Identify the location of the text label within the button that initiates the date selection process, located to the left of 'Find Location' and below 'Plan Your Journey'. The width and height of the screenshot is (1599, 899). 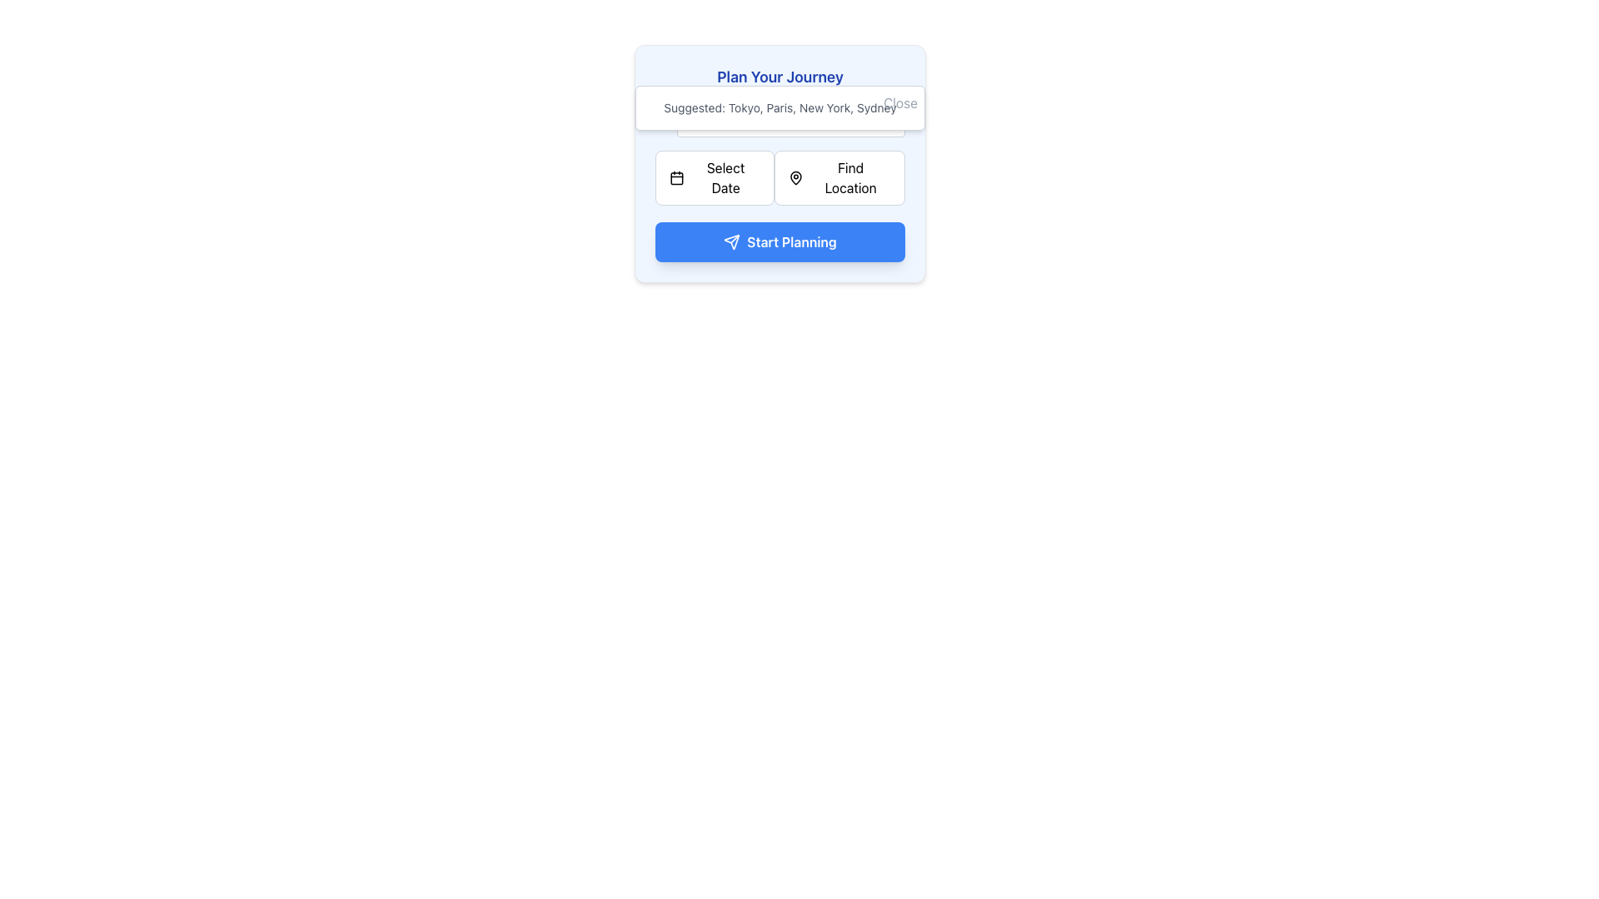
(725, 177).